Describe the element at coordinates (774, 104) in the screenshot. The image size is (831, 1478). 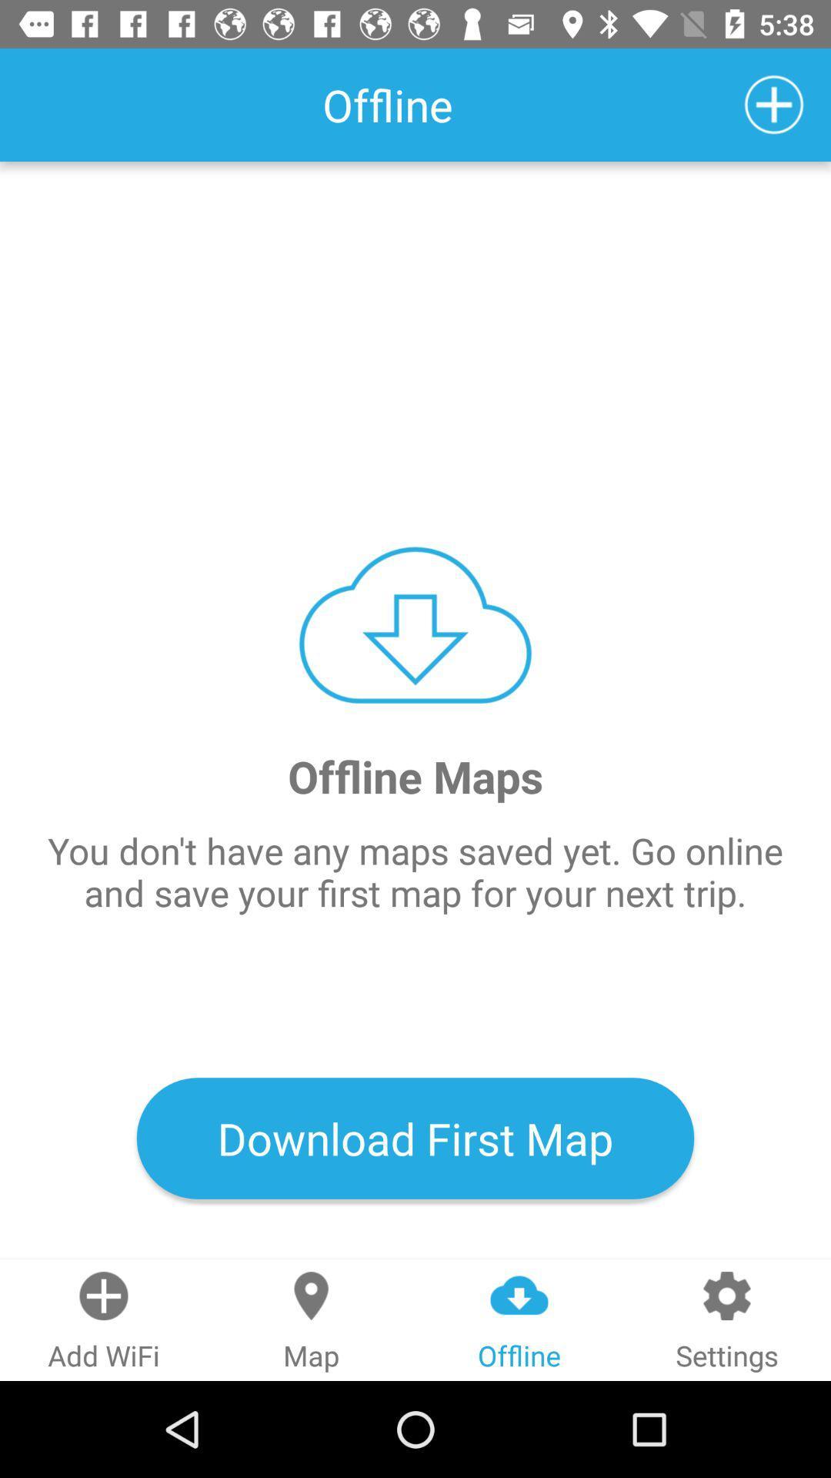
I see `new button` at that location.